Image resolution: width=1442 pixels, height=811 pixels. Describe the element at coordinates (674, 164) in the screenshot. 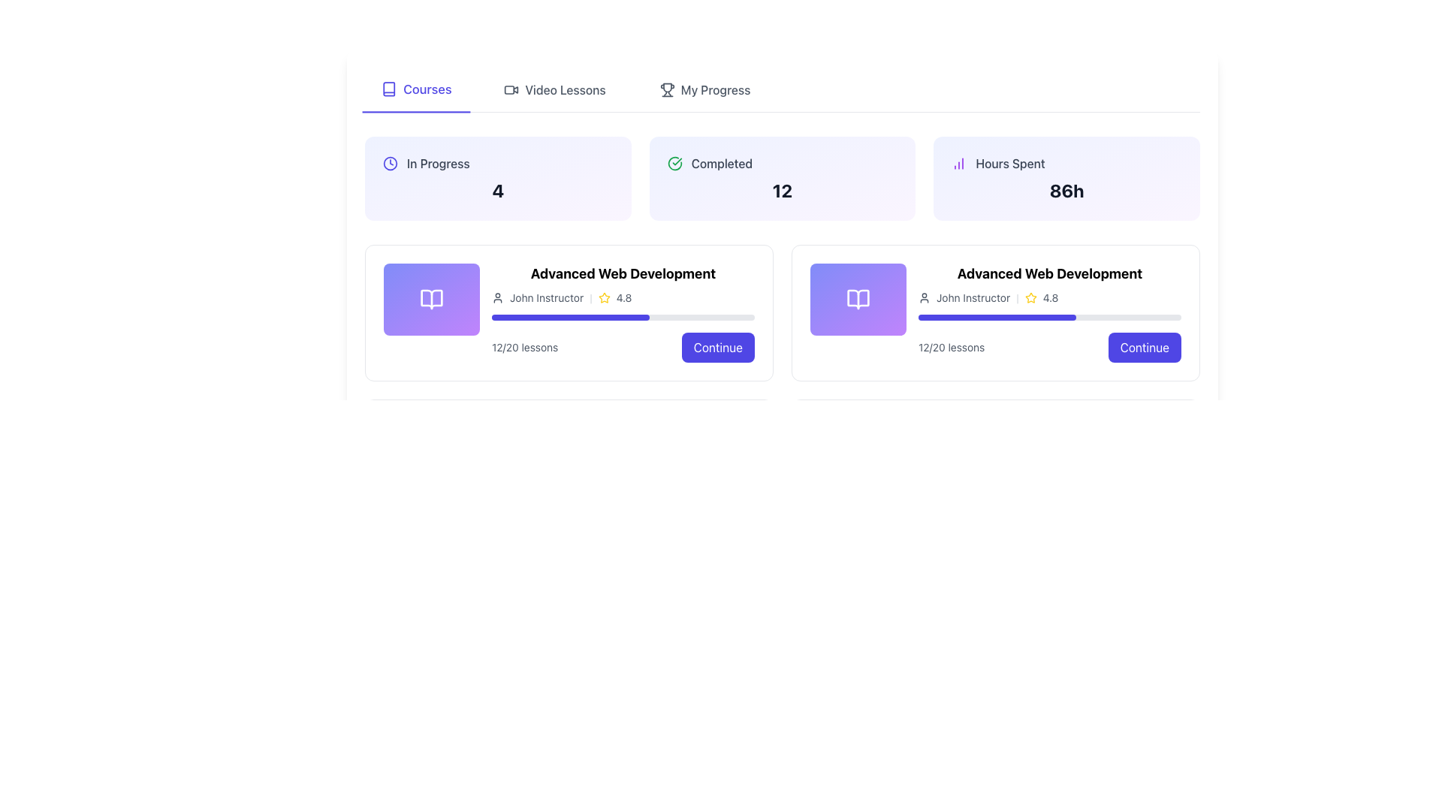

I see `the circular checkmark icon with a green outline located at the beginning of the 'Completed' section` at that location.